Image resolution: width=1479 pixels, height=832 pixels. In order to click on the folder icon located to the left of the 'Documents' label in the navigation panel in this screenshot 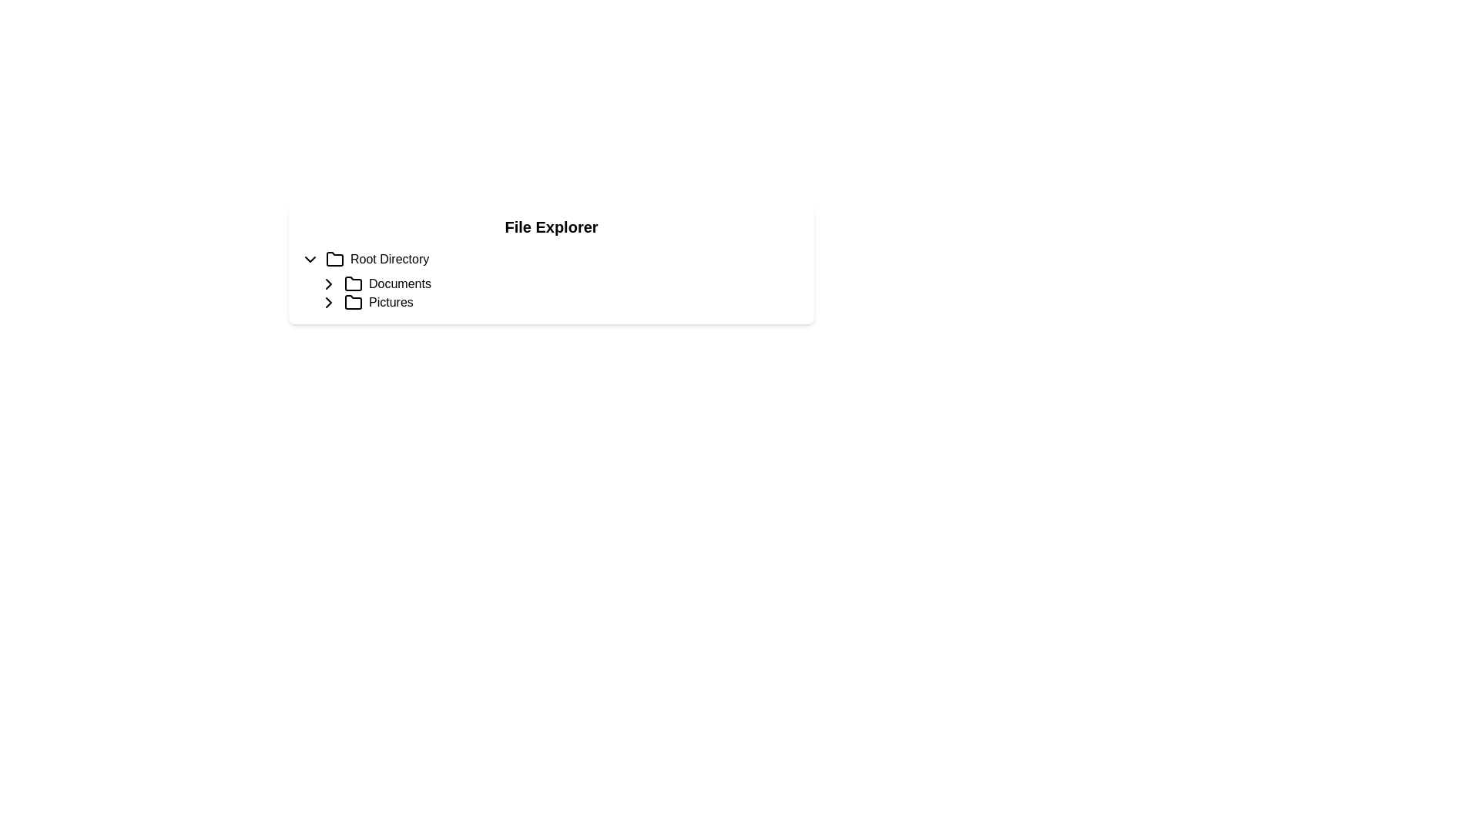, I will do `click(353, 284)`.